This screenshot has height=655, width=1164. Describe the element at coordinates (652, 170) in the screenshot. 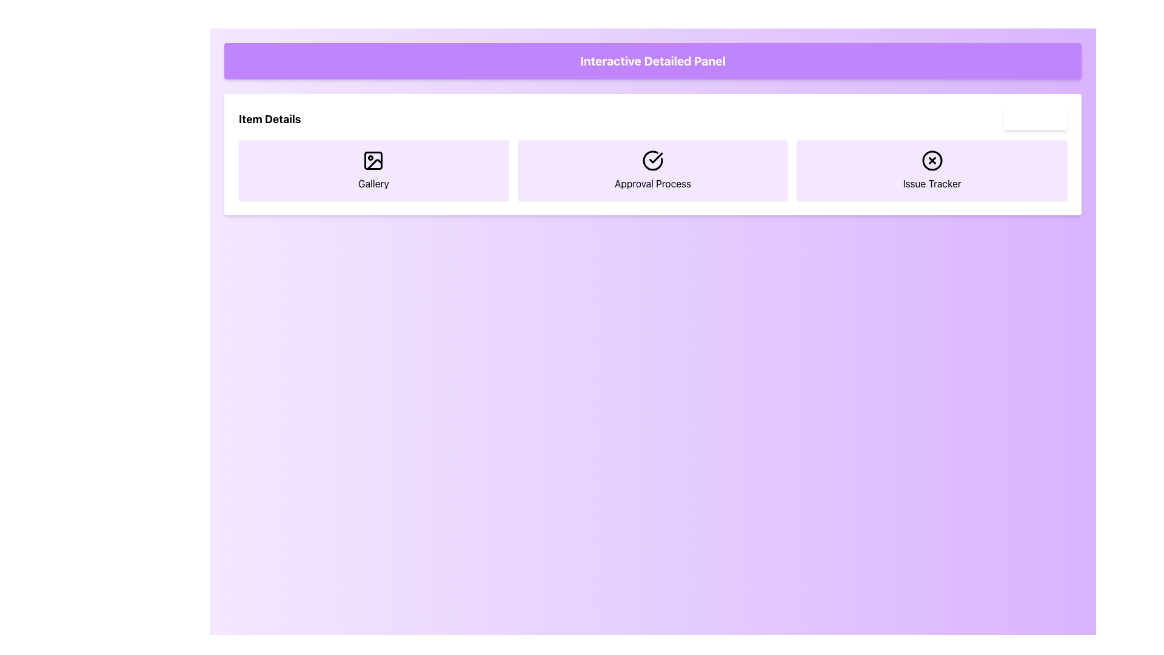

I see `the Informational Card that indicates or accesses the 'Approval Process' section, which is the second item in a three-item grid layout` at that location.